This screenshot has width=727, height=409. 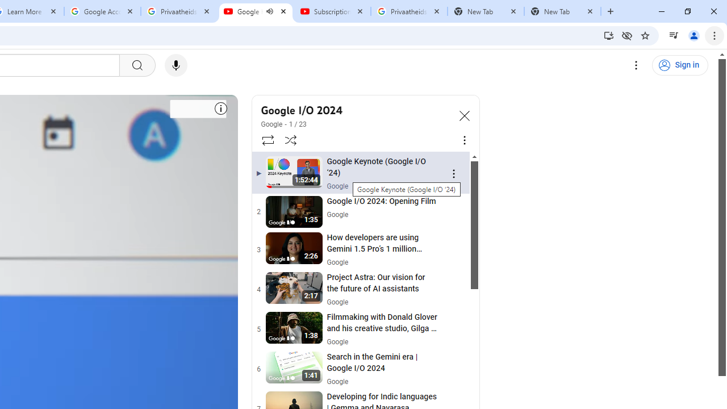 What do you see at coordinates (562, 11) in the screenshot?
I see `'New Tab'` at bounding box center [562, 11].